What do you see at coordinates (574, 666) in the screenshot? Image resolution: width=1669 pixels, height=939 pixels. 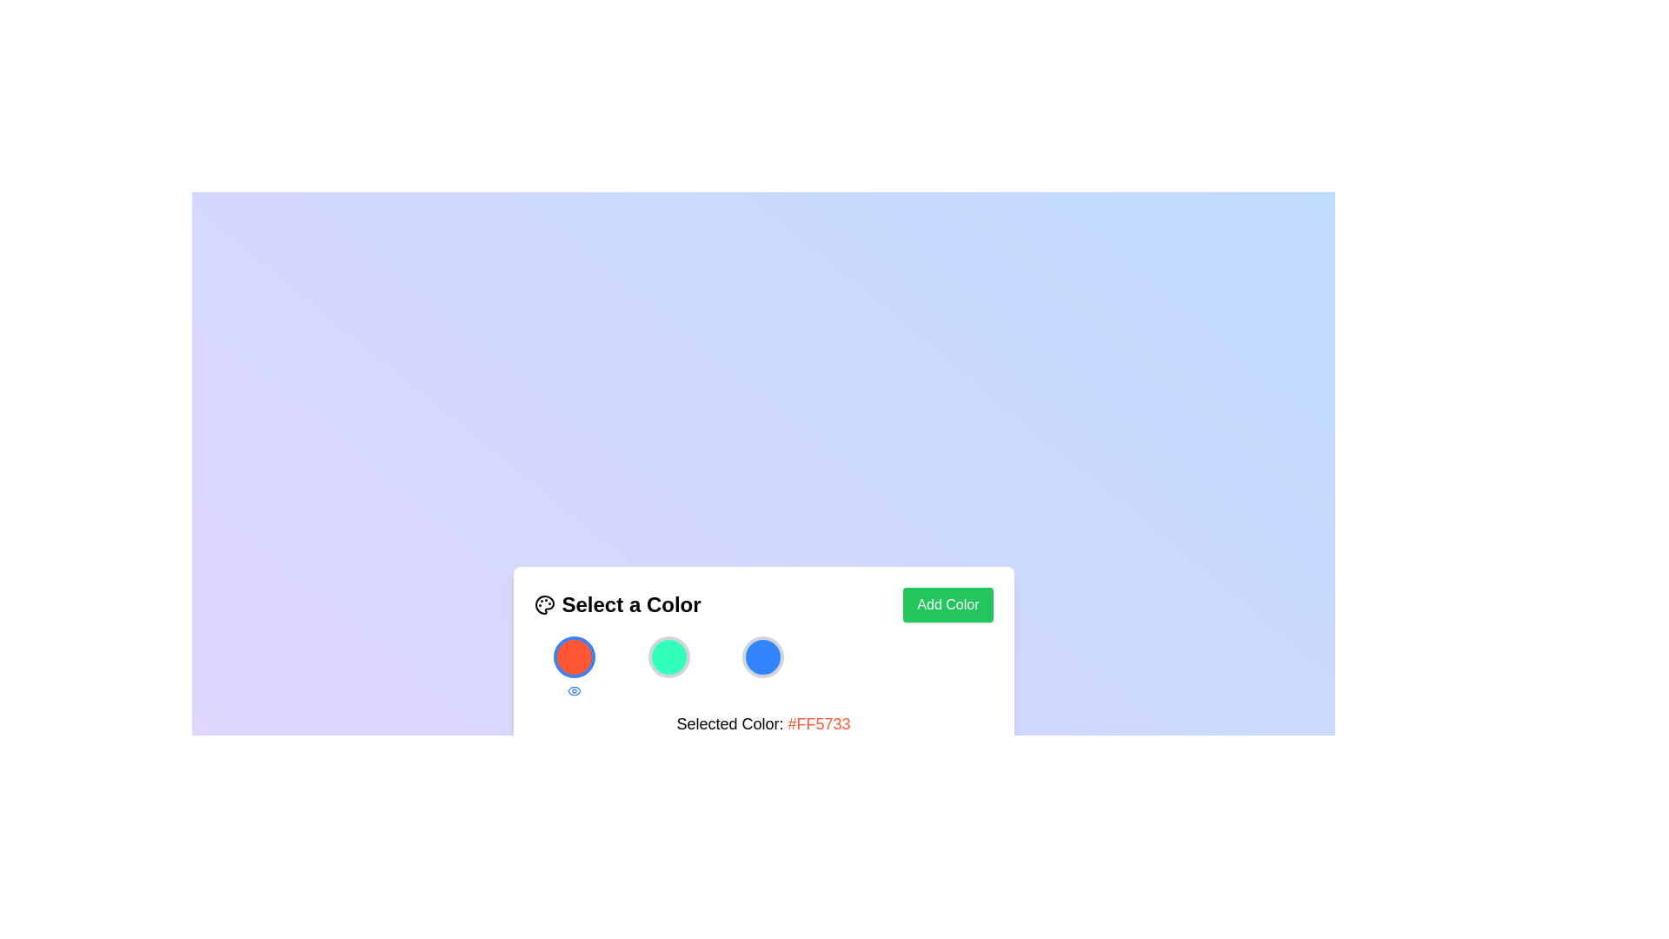 I see `the first selectable color option button representing the orange color` at bounding box center [574, 666].